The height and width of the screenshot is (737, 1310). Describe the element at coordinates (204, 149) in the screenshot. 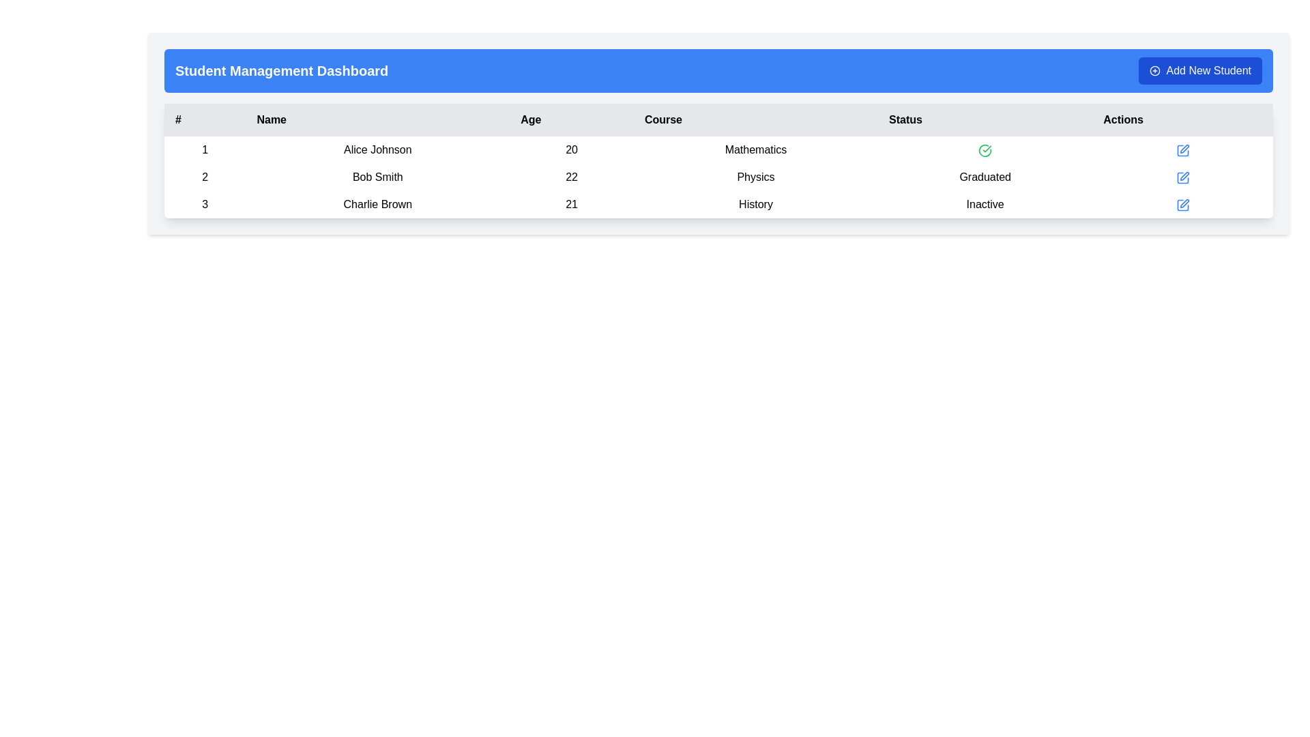

I see `the Text Display element that contains the text '1' in the '#' column header of the first row` at that location.